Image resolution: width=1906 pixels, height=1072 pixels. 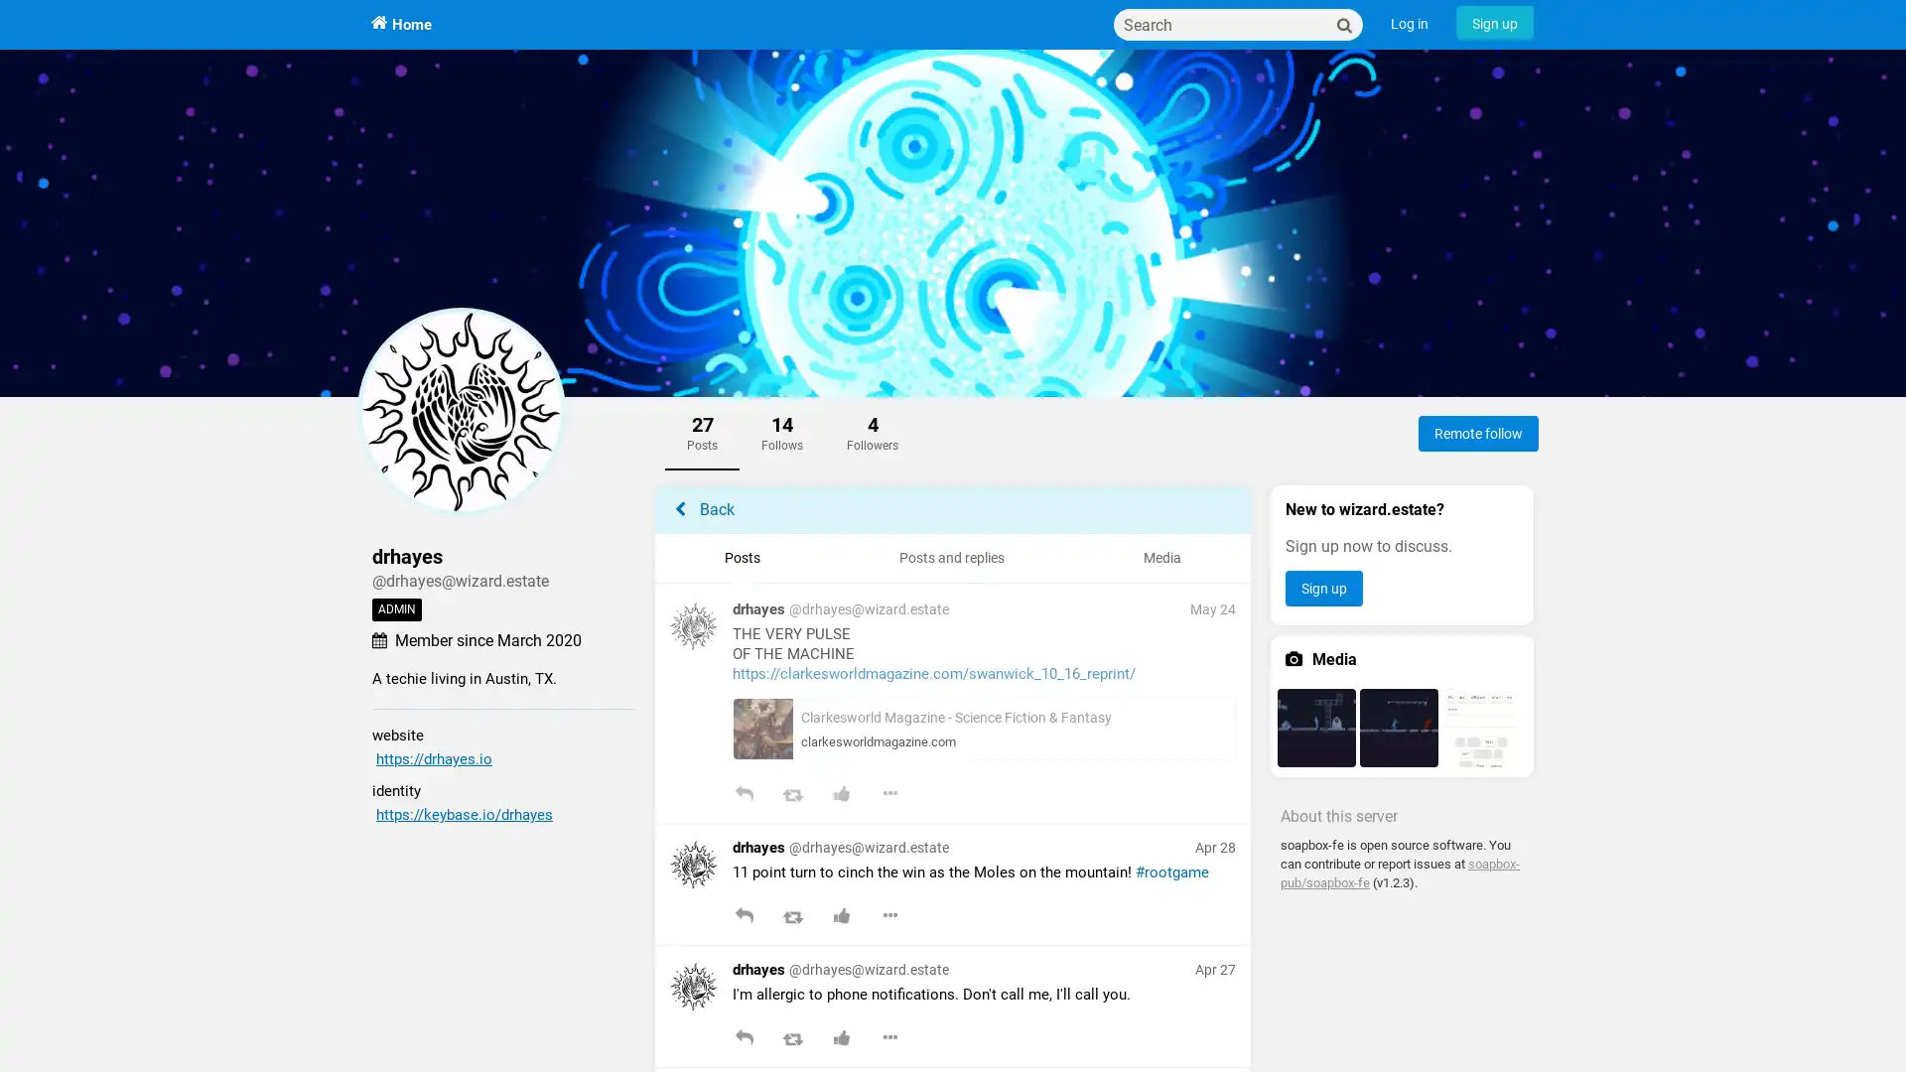 What do you see at coordinates (743, 1039) in the screenshot?
I see `Reply` at bounding box center [743, 1039].